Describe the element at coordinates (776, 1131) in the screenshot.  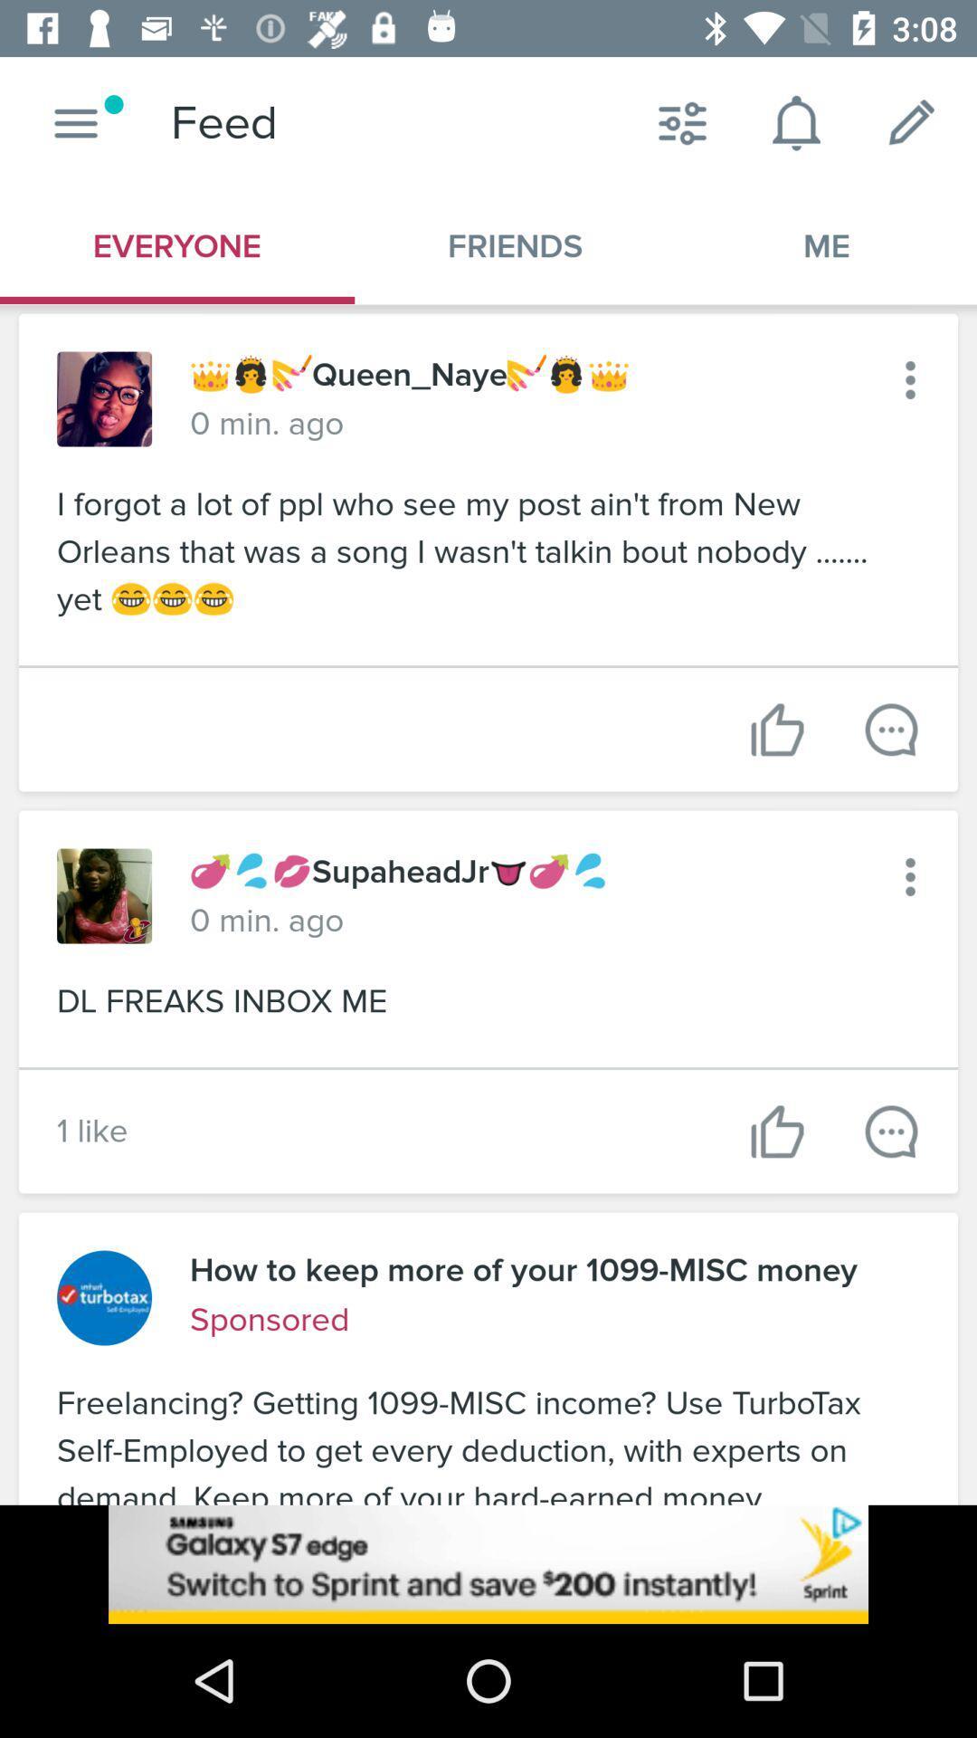
I see `click the like button` at that location.